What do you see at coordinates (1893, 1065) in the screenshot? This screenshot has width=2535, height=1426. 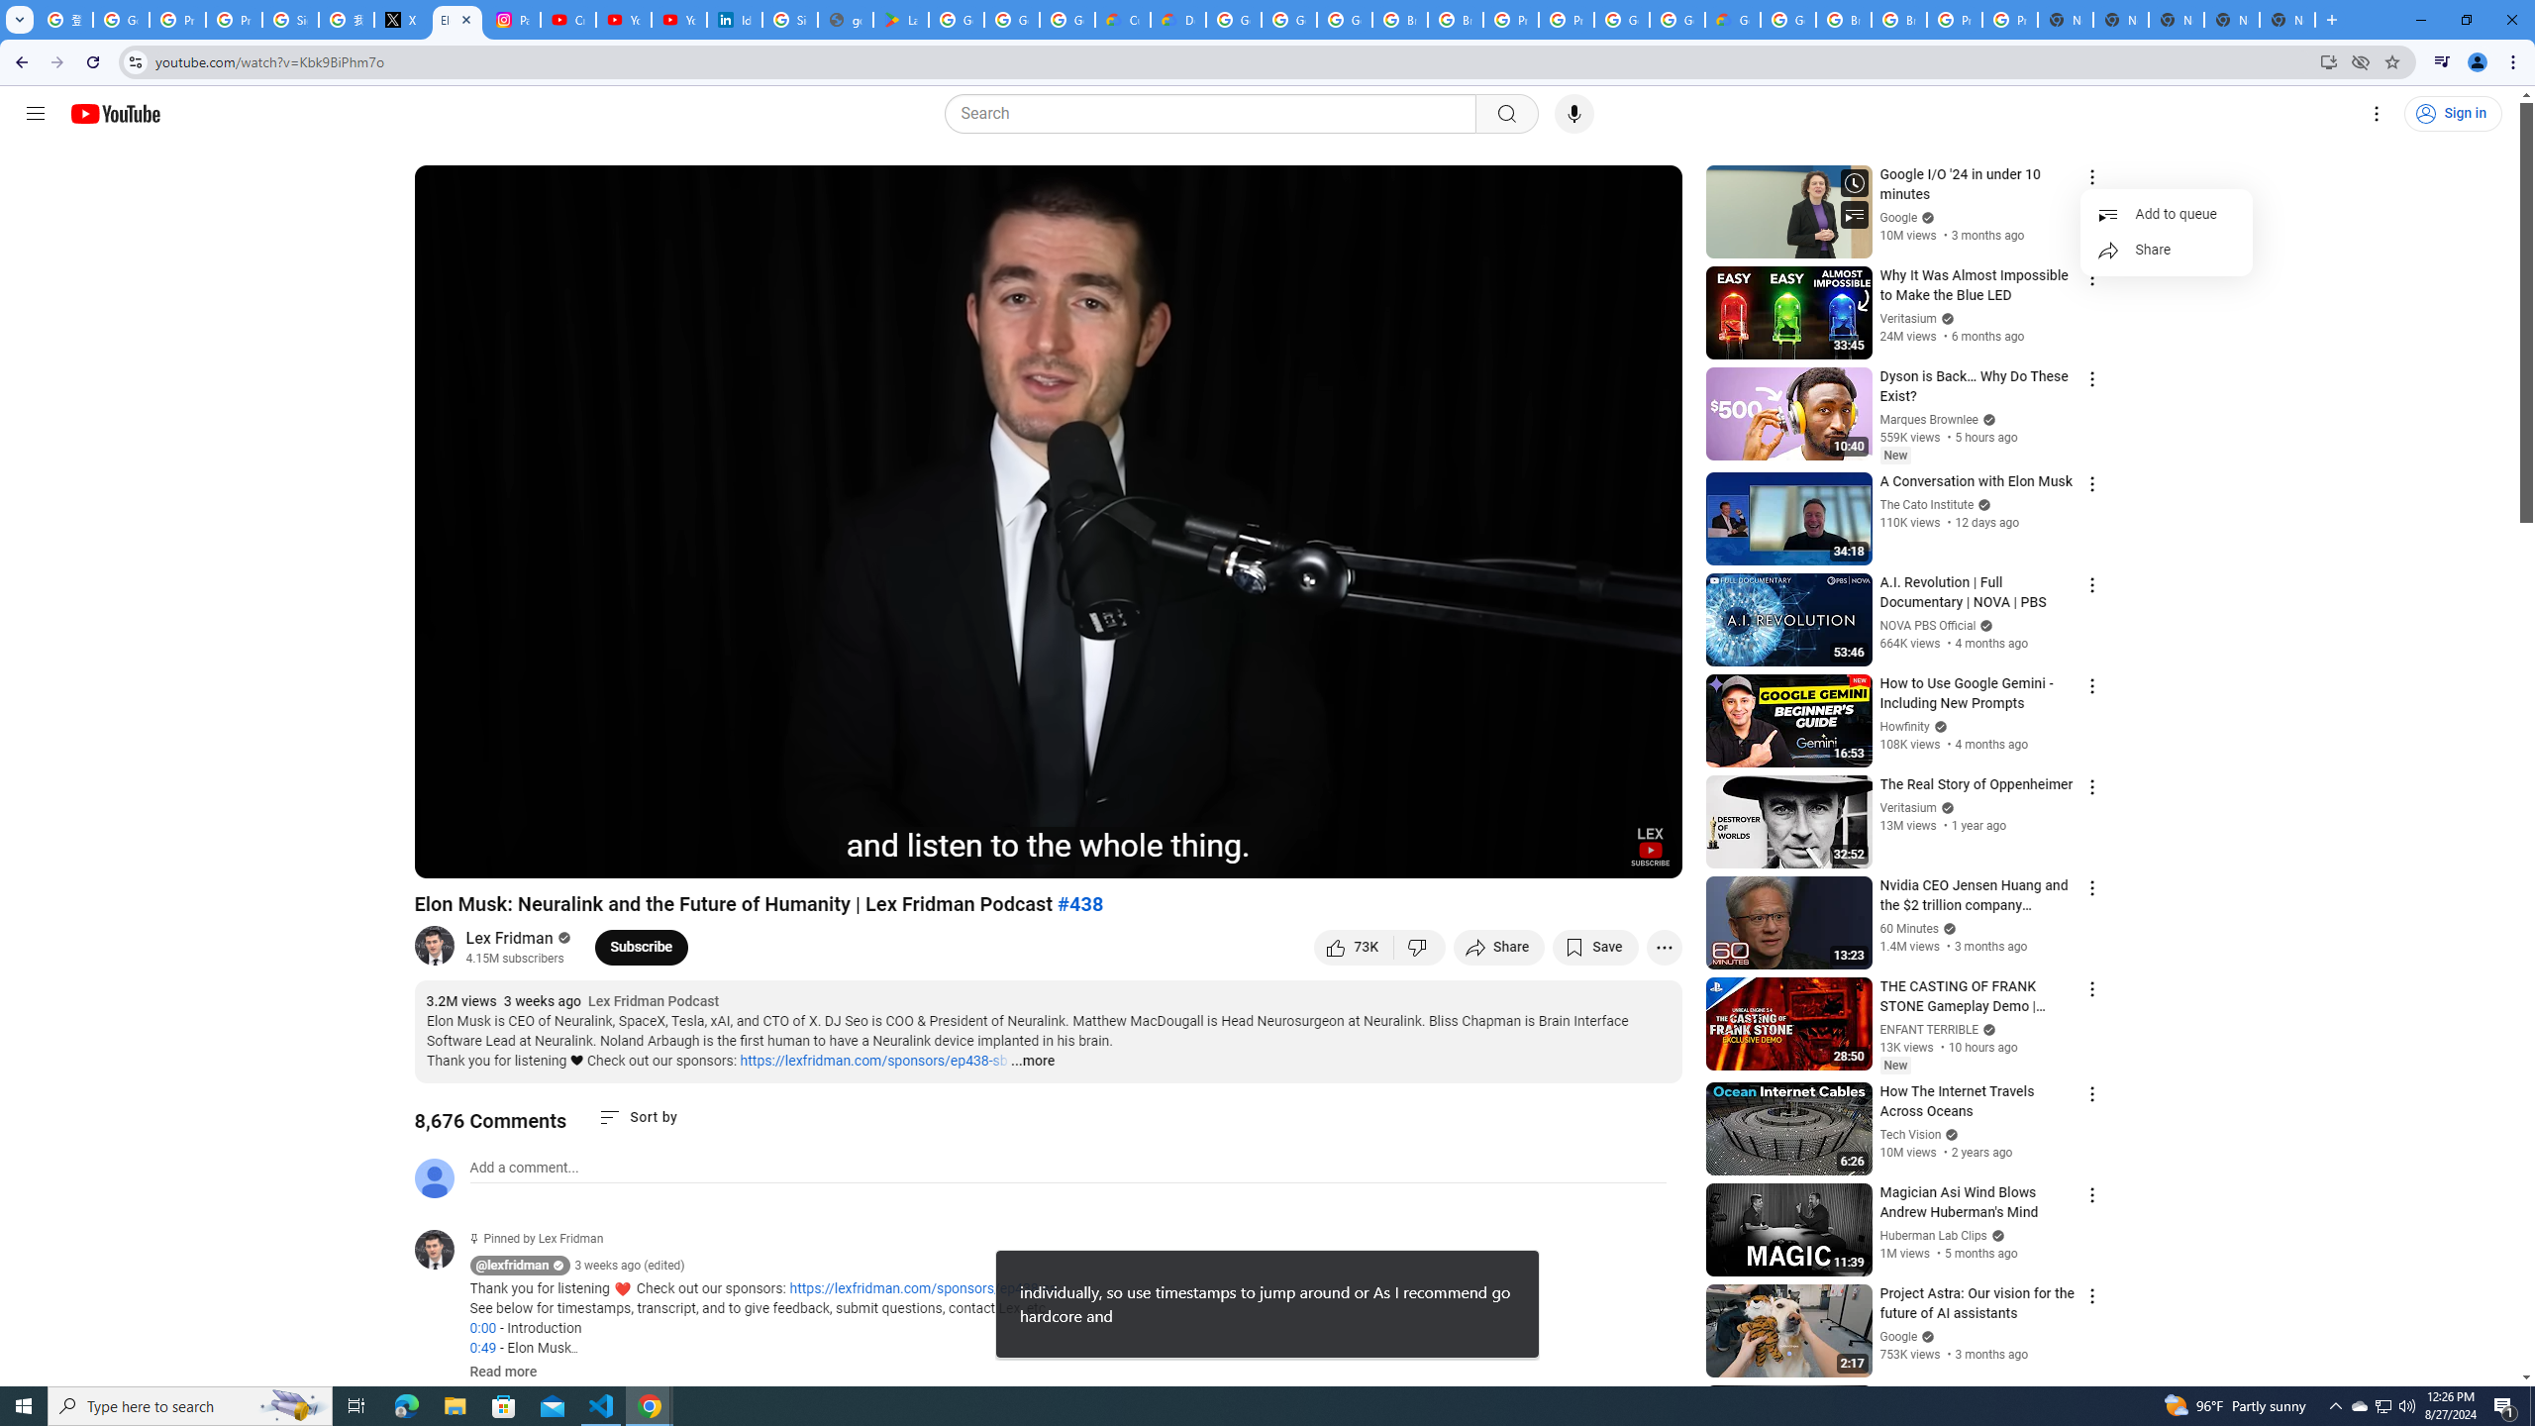 I see `'New'` at bounding box center [1893, 1065].